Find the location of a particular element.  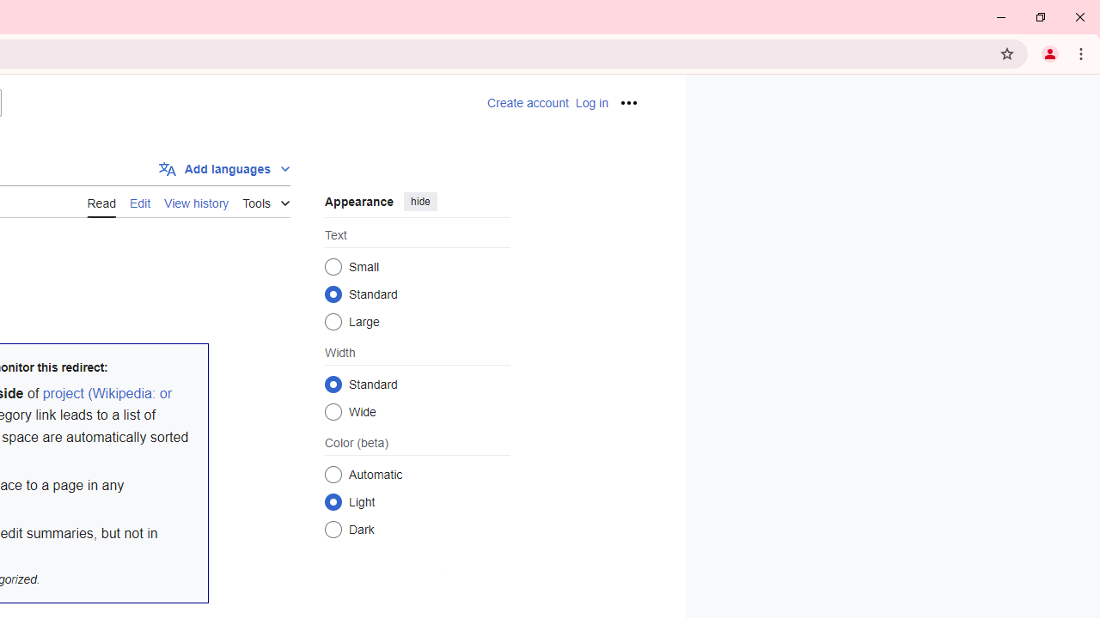

'Wide' is located at coordinates (333, 411).